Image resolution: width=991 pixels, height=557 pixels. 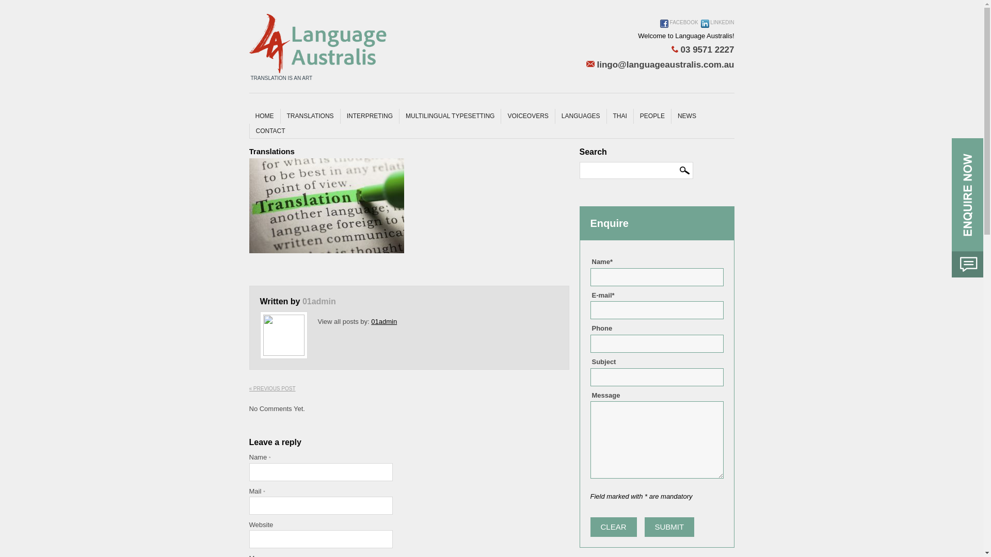 I want to click on 'MULTILINGUAL TYPESETTING', so click(x=398, y=116).